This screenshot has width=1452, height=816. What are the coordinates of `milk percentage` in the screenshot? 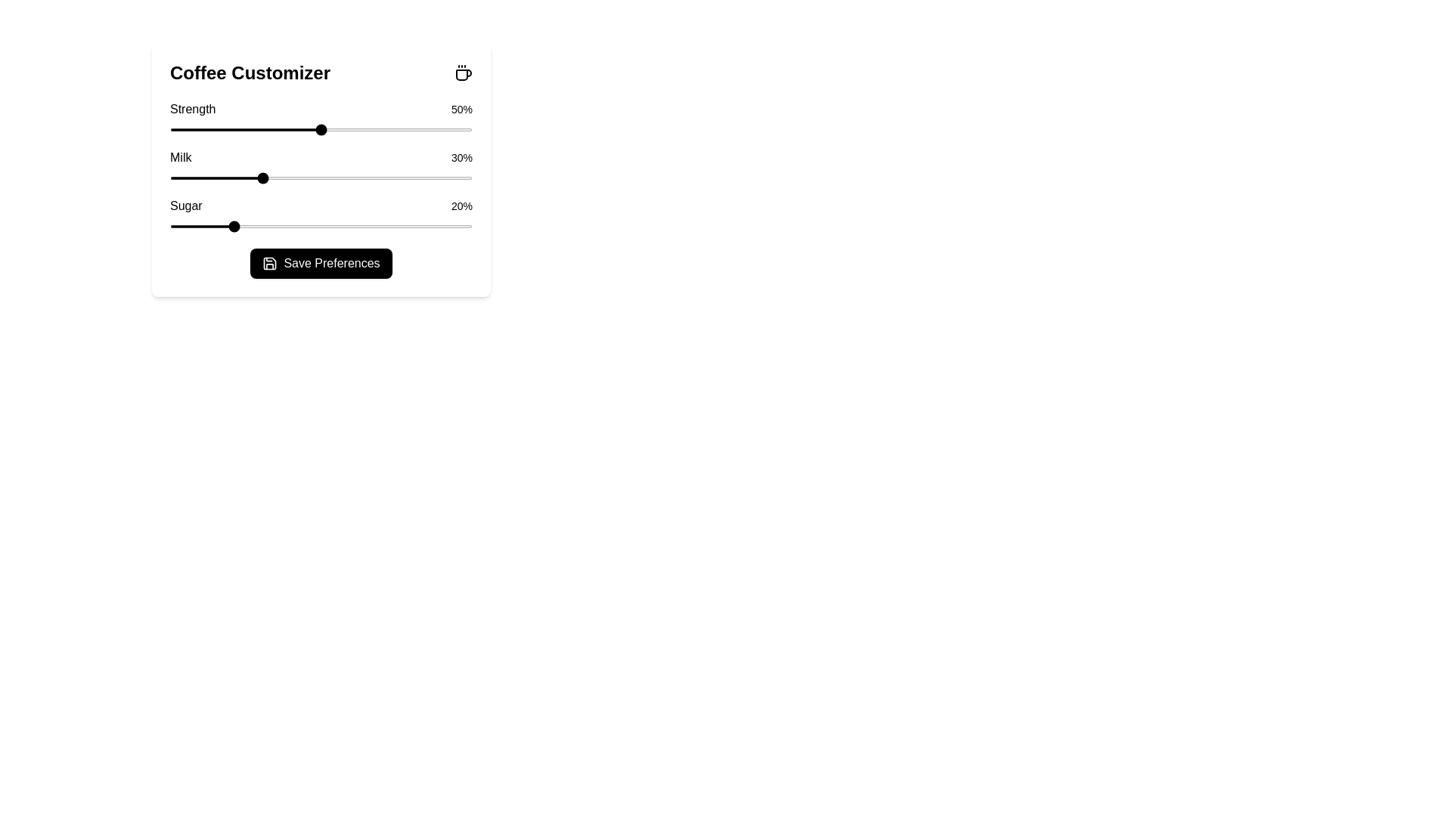 It's located at (272, 177).